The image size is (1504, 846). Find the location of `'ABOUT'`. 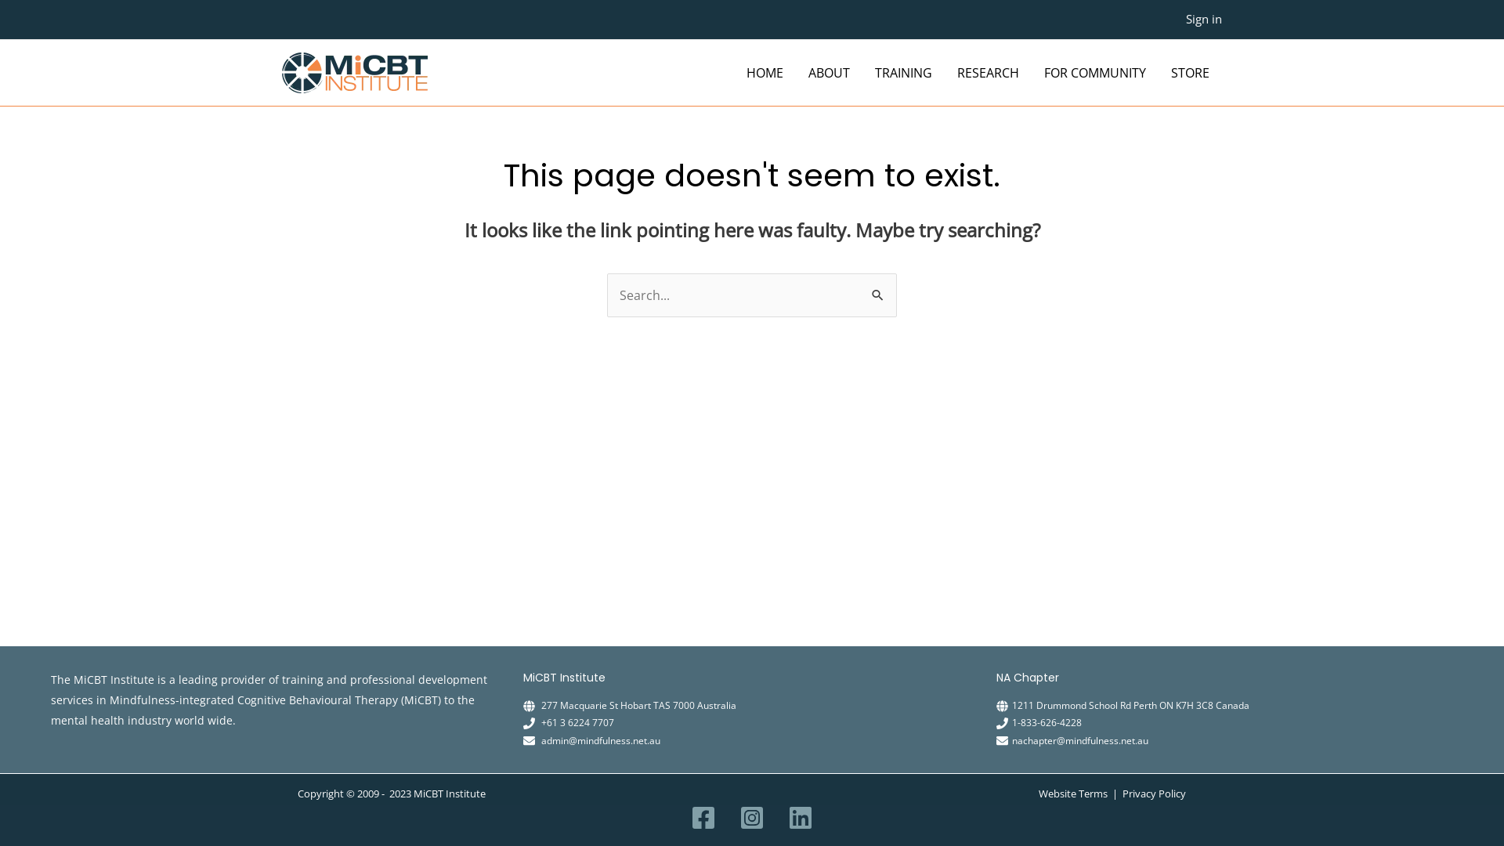

'ABOUT' is located at coordinates (828, 72).